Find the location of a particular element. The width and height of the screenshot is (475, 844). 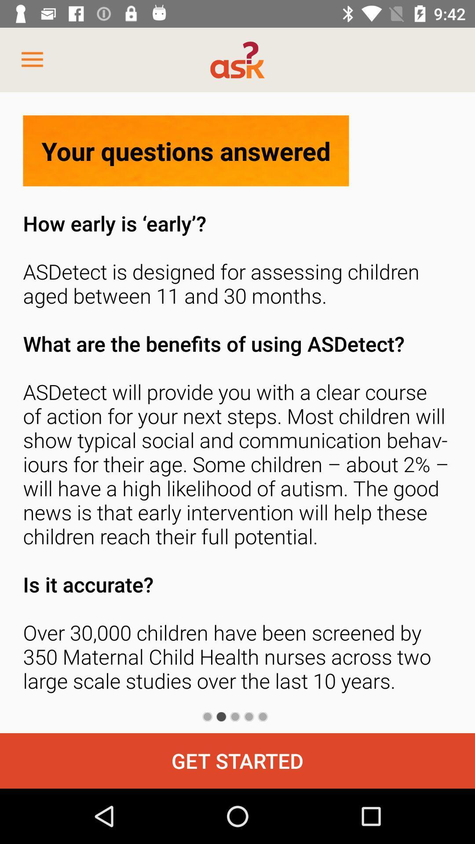

the item above your questions answered icon is located at coordinates (32, 59).